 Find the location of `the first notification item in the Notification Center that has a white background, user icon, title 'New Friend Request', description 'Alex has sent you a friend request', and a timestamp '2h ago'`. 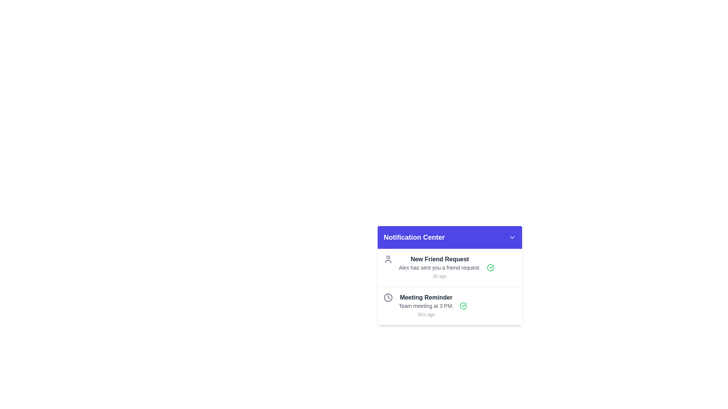

the first notification item in the Notification Center that has a white background, user icon, title 'New Friend Request', description 'Alex has sent you a friend request', and a timestamp '2h ago' is located at coordinates (450, 267).